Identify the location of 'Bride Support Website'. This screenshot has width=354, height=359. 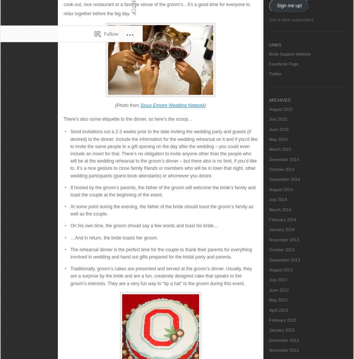
(290, 53).